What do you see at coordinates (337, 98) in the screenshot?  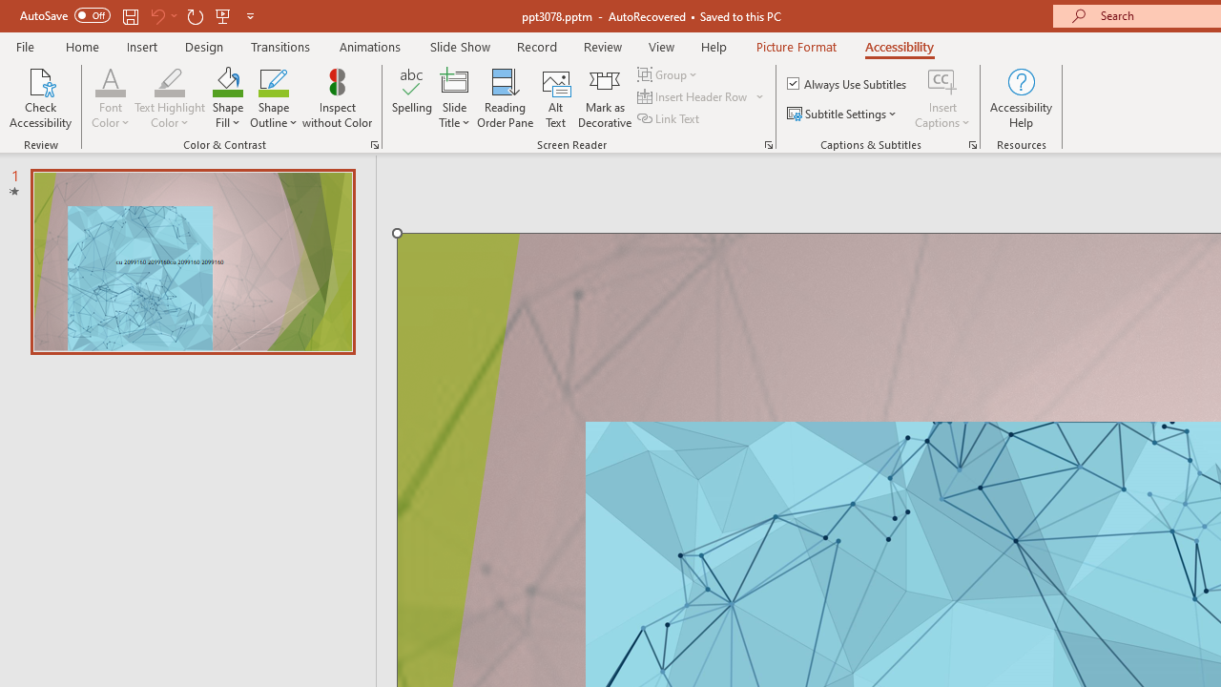 I see `'Inspect without Color'` at bounding box center [337, 98].